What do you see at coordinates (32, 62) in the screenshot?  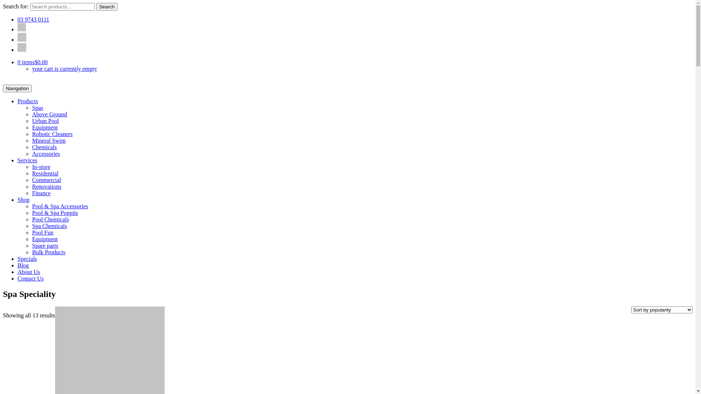 I see `'0 items$0.00'` at bounding box center [32, 62].